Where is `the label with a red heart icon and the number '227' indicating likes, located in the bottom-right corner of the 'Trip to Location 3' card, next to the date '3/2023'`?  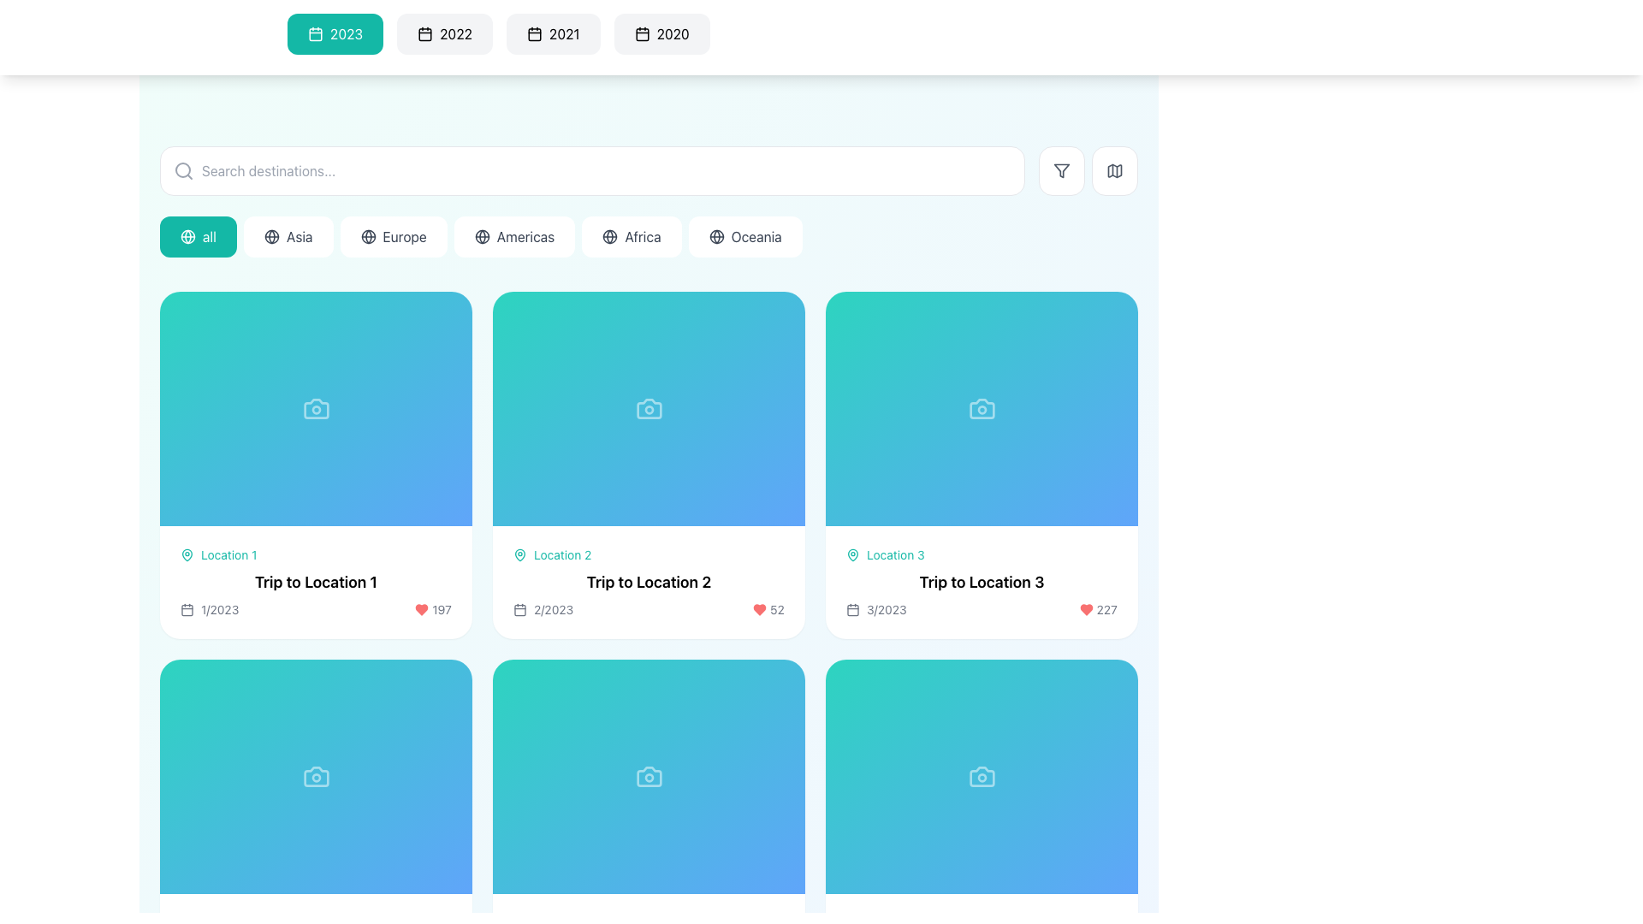 the label with a red heart icon and the number '227' indicating likes, located in the bottom-right corner of the 'Trip to Location 3' card, next to the date '3/2023' is located at coordinates (1098, 608).